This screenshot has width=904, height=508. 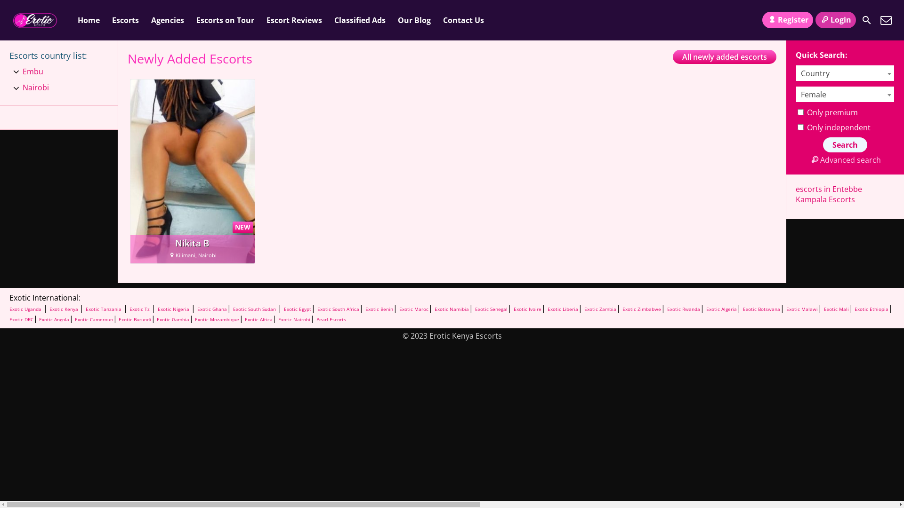 I want to click on 'Exotic Nigeria', so click(x=173, y=309).